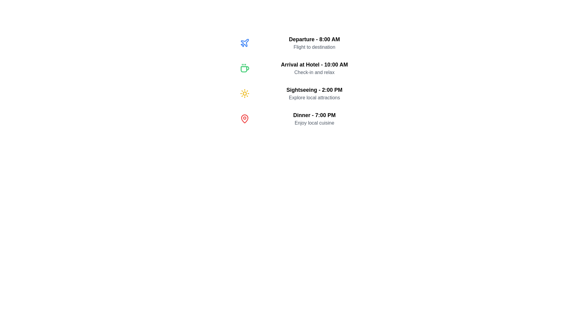  I want to click on the last List Item in the schedule, which details the 'Dinner' event at '7:00 PM', so click(307, 119).